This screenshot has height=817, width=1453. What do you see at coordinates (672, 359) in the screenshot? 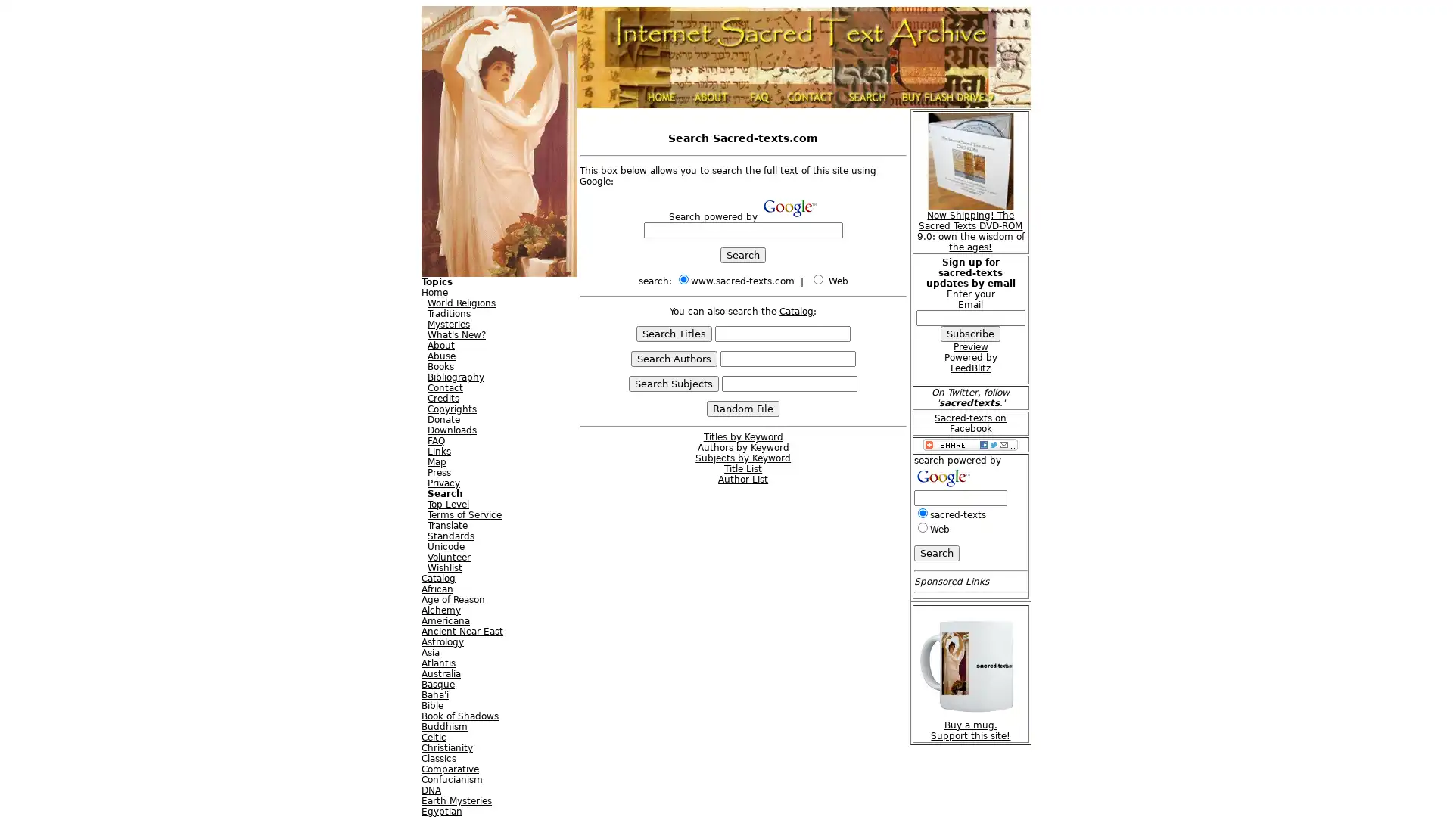
I see `Search Authors` at bounding box center [672, 359].